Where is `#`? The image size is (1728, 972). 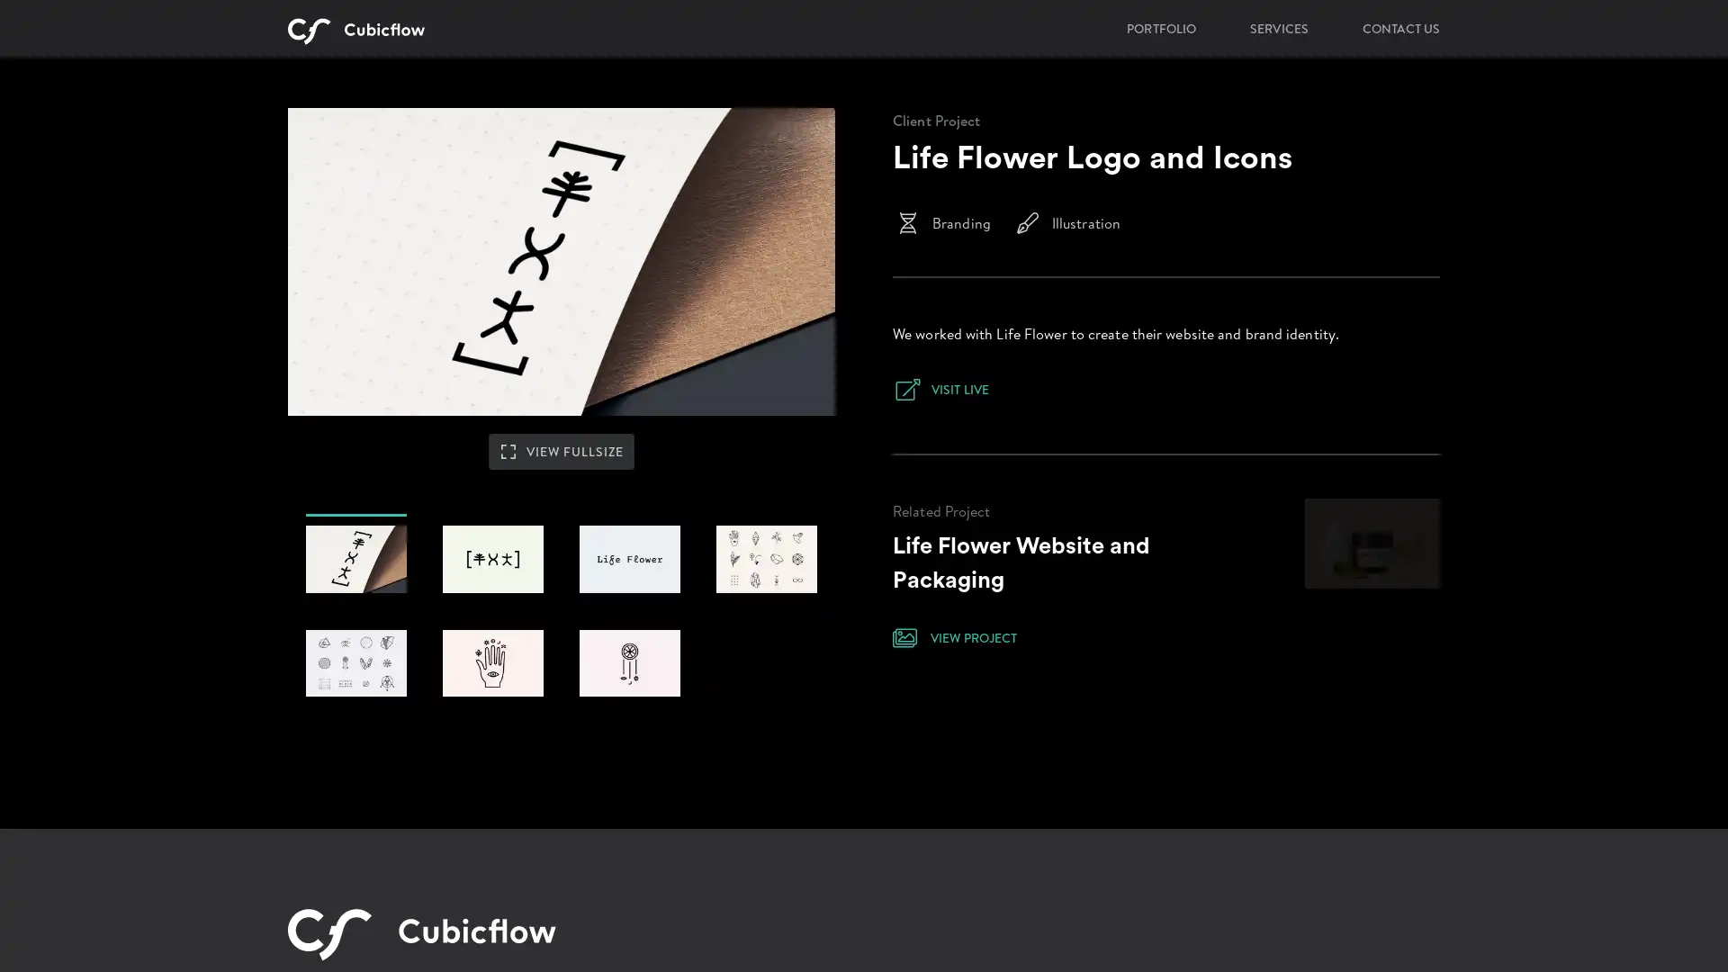
# is located at coordinates (630, 620).